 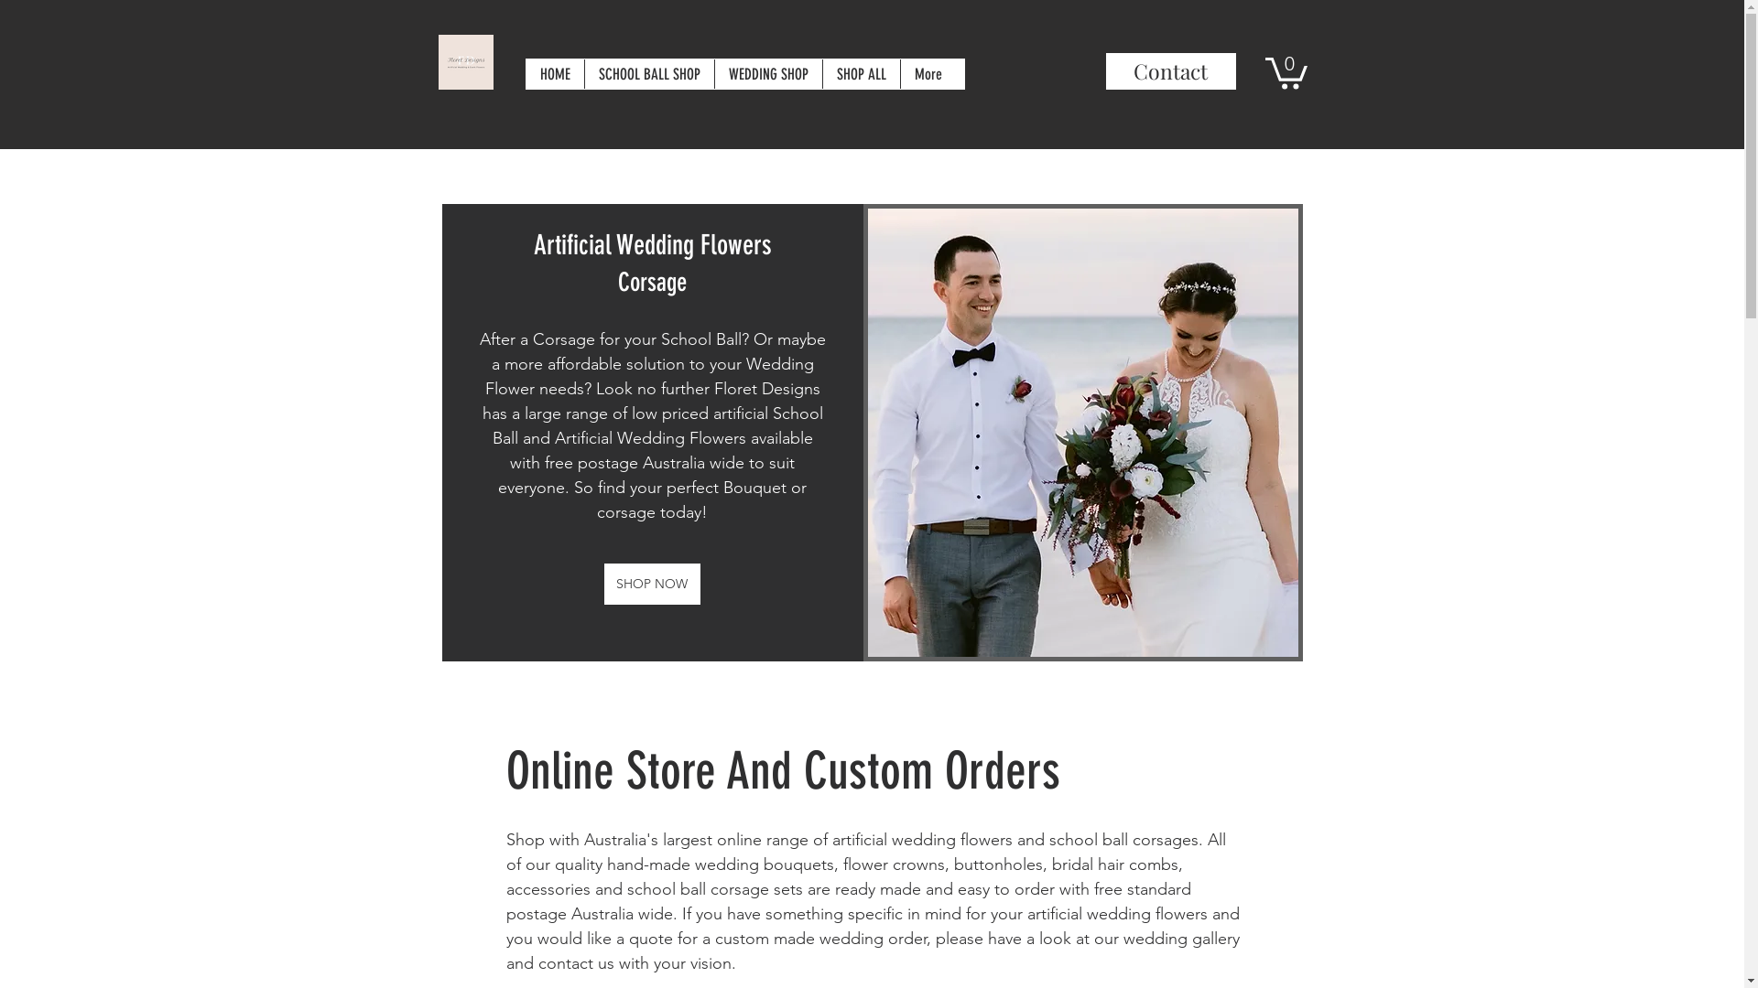 What do you see at coordinates (768, 73) in the screenshot?
I see `'WEDDING SHOP'` at bounding box center [768, 73].